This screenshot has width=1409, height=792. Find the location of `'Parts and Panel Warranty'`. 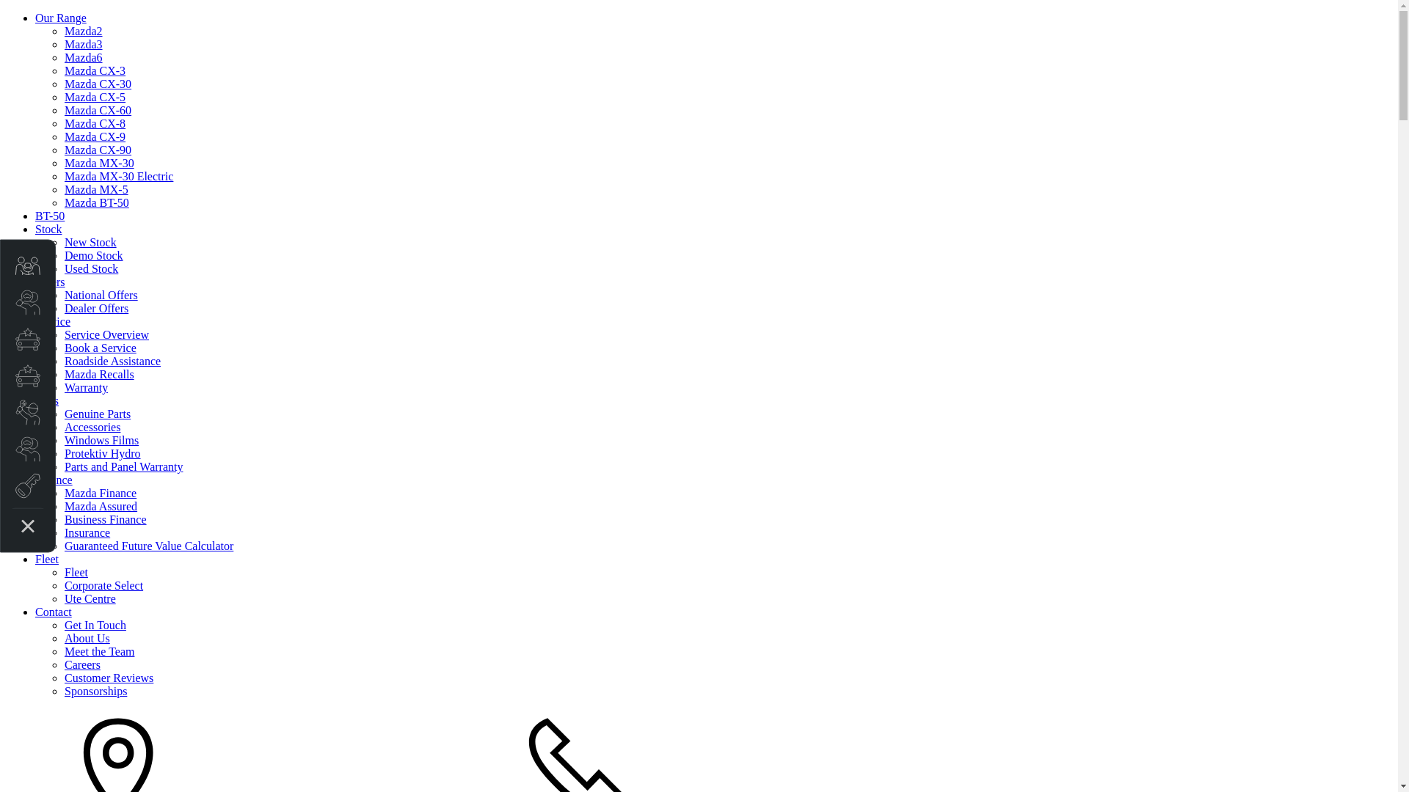

'Parts and Panel Warranty' is located at coordinates (123, 466).